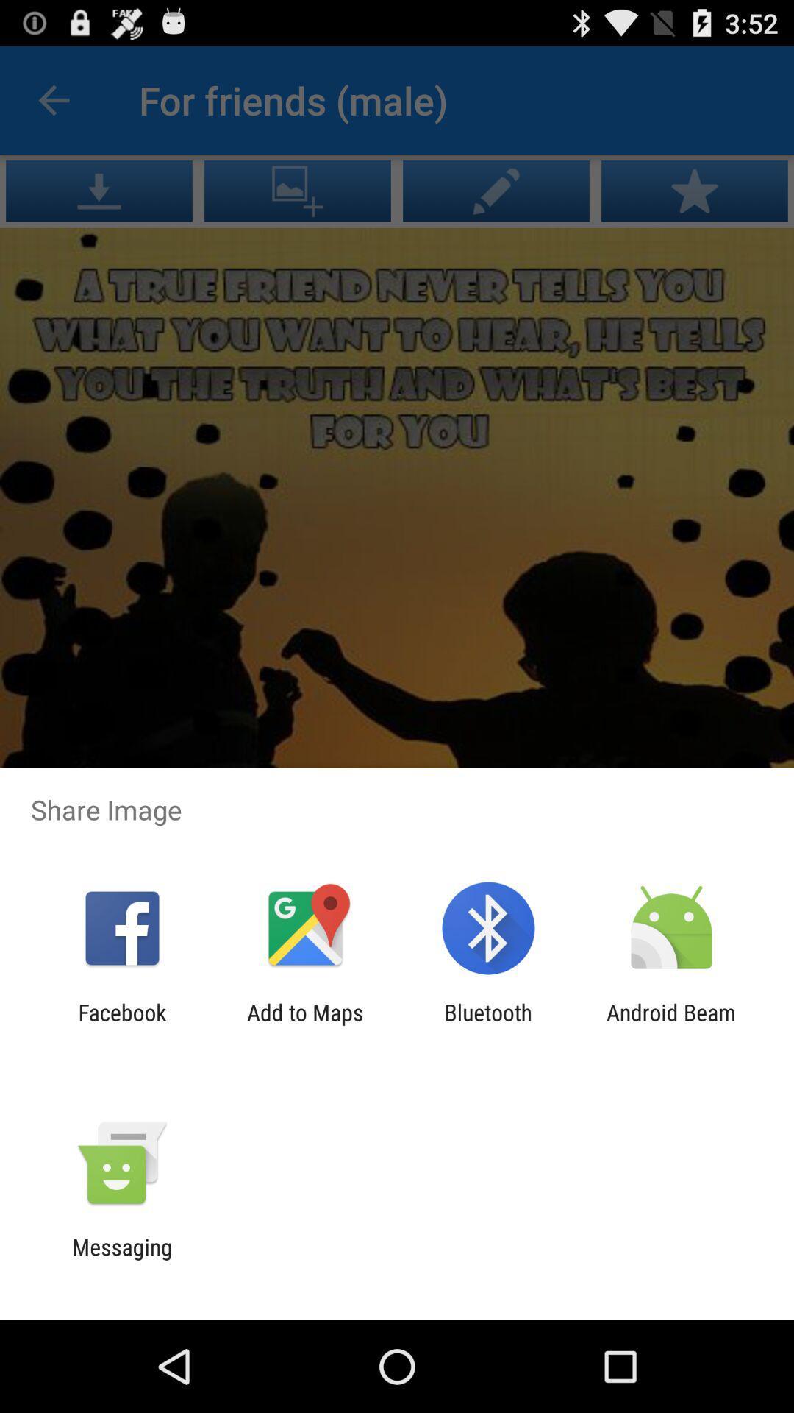  I want to click on add to maps item, so click(304, 1024).